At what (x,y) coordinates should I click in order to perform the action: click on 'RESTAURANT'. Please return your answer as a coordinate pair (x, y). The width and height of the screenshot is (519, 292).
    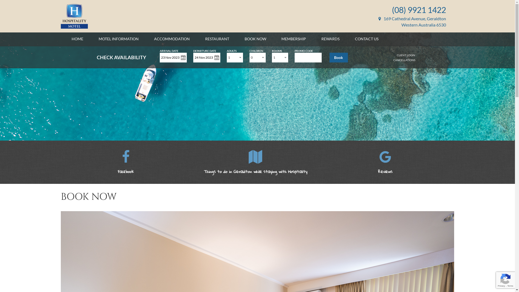
    Looking at the image, I should click on (217, 38).